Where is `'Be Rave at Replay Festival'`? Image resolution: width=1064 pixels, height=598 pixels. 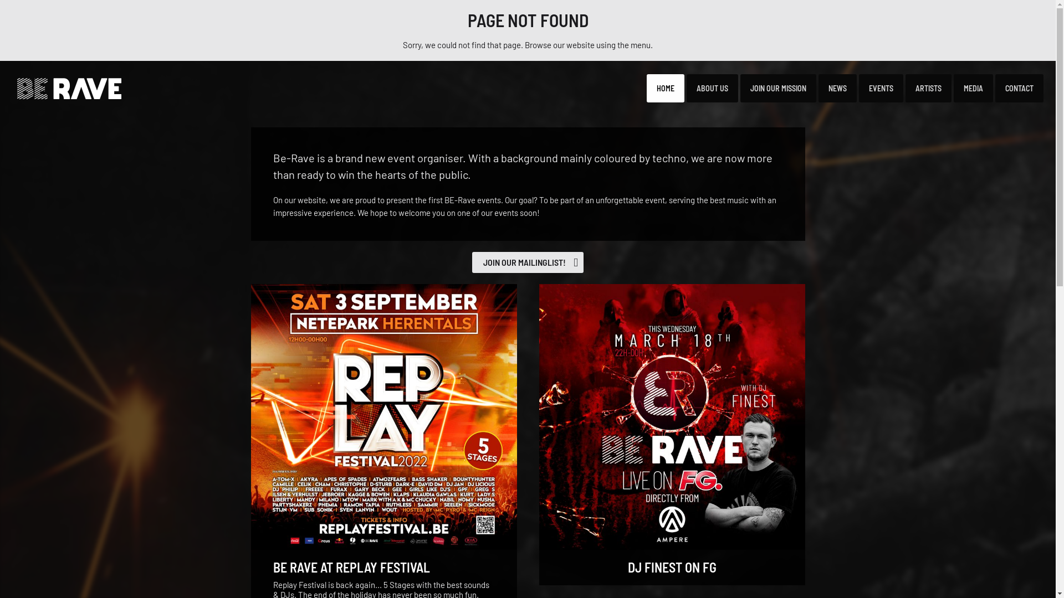 'Be Rave at Replay Festival' is located at coordinates (383, 416).